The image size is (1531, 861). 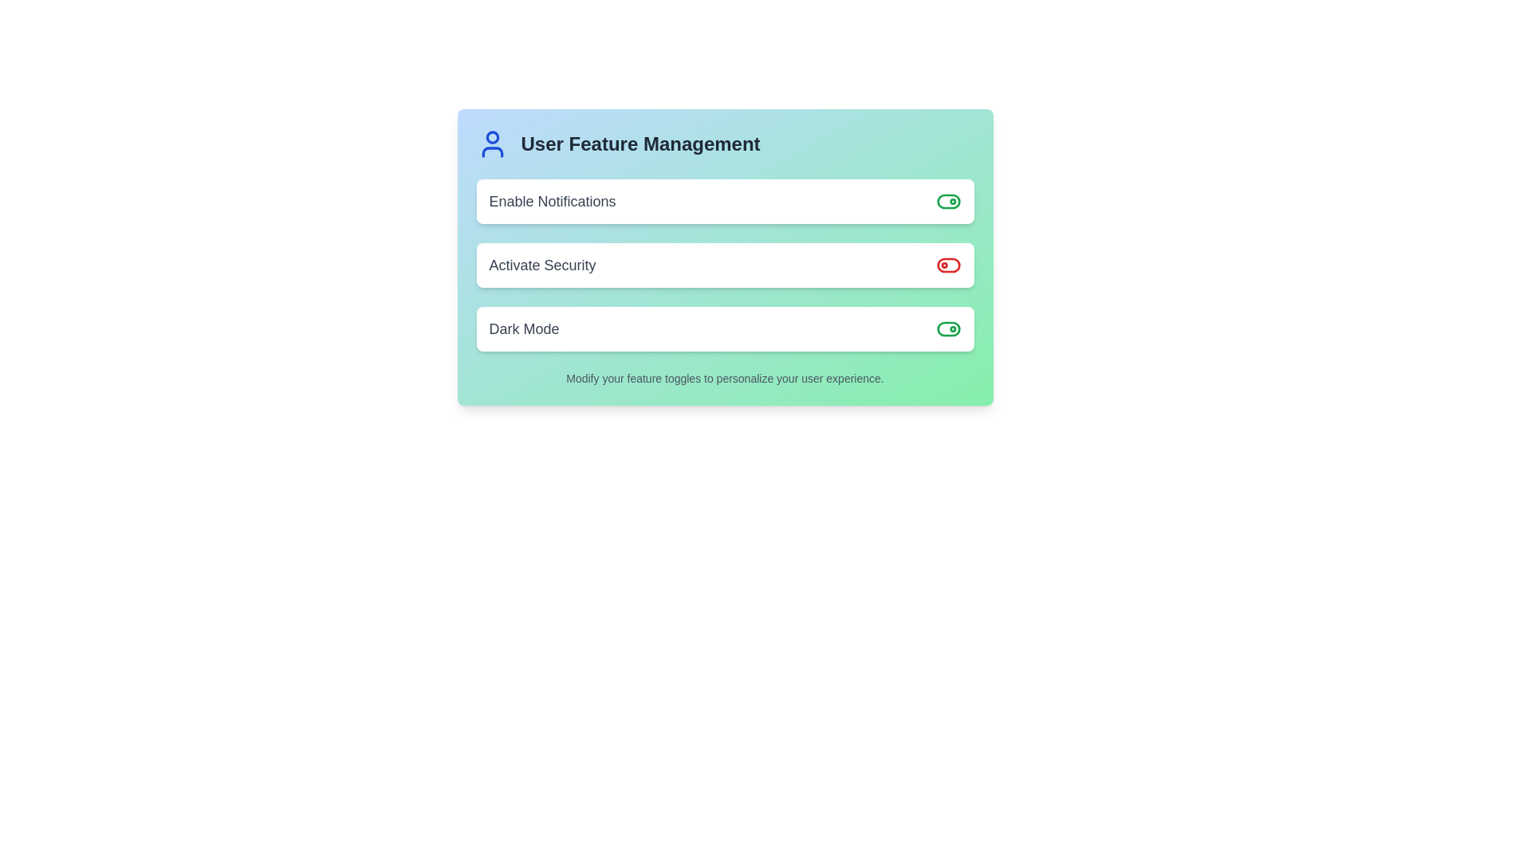 What do you see at coordinates (724, 264) in the screenshot?
I see `the 'Activate Security' toggle option box` at bounding box center [724, 264].